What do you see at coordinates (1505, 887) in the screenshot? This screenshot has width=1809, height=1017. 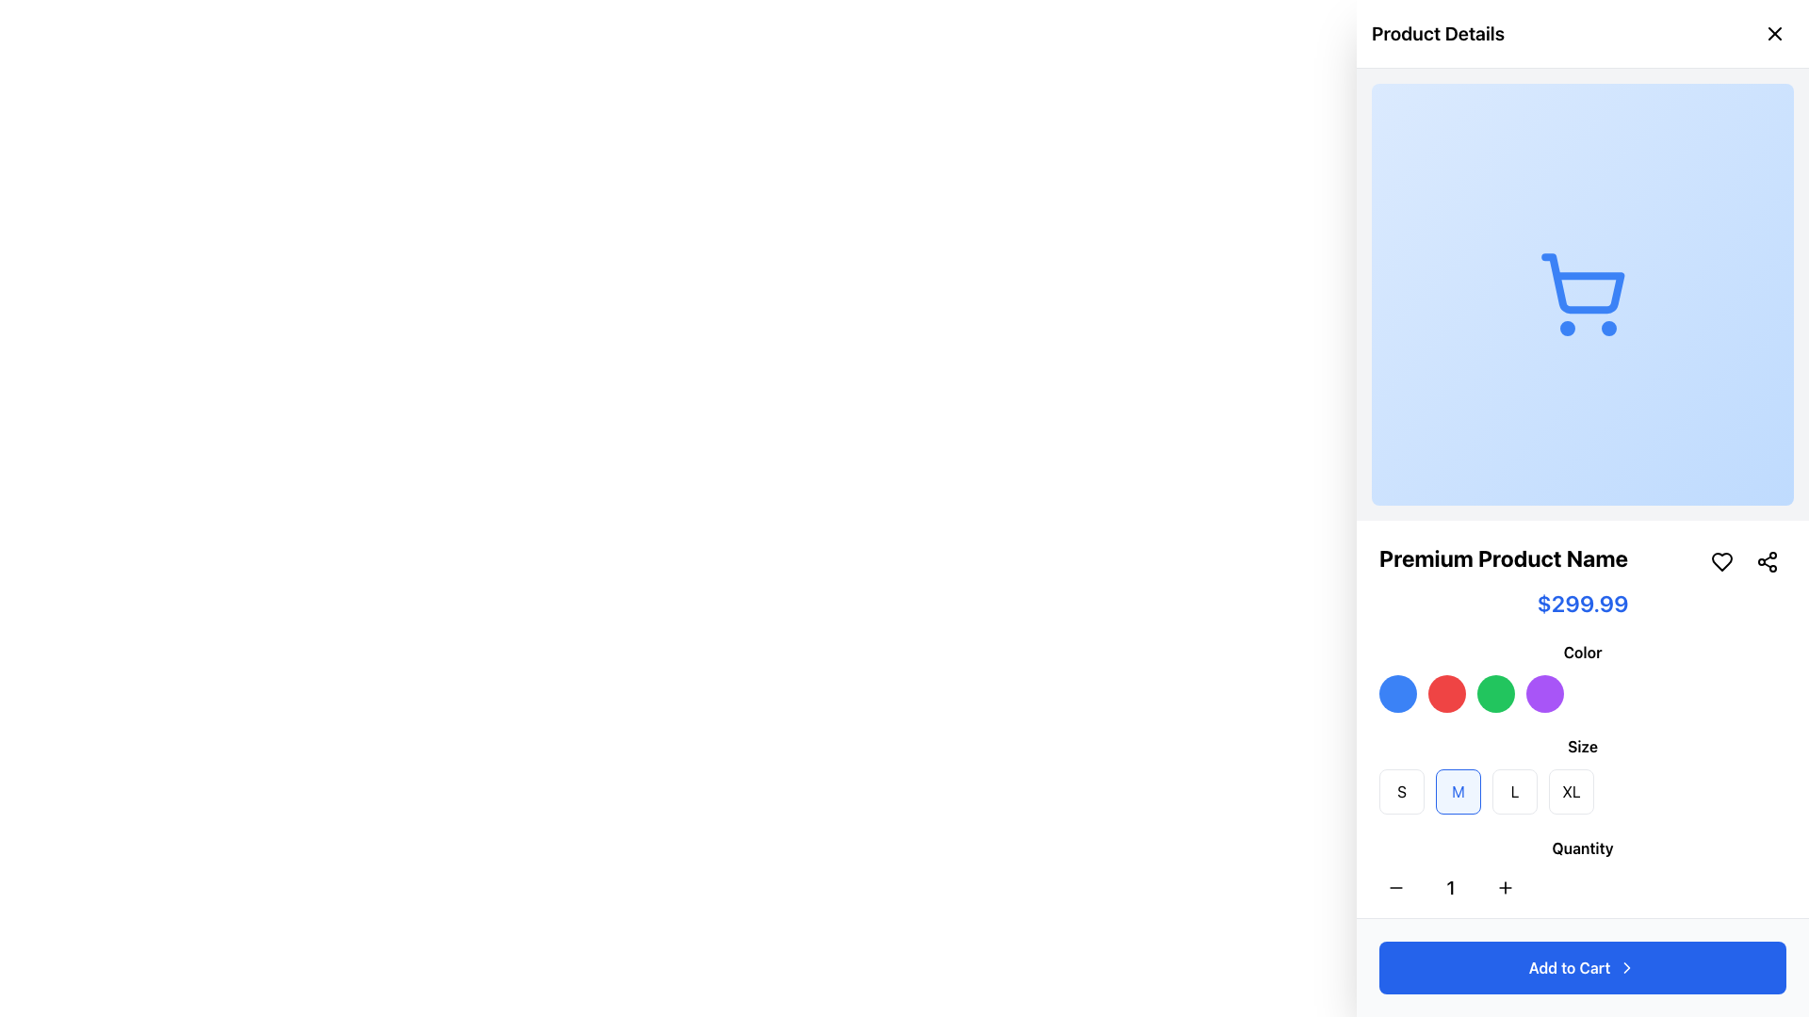 I see `the small icon resembling a plus sign with a circular button-like background located near the bottom-right corner of the product detail panel under the 'Quantity' section` at bounding box center [1505, 887].